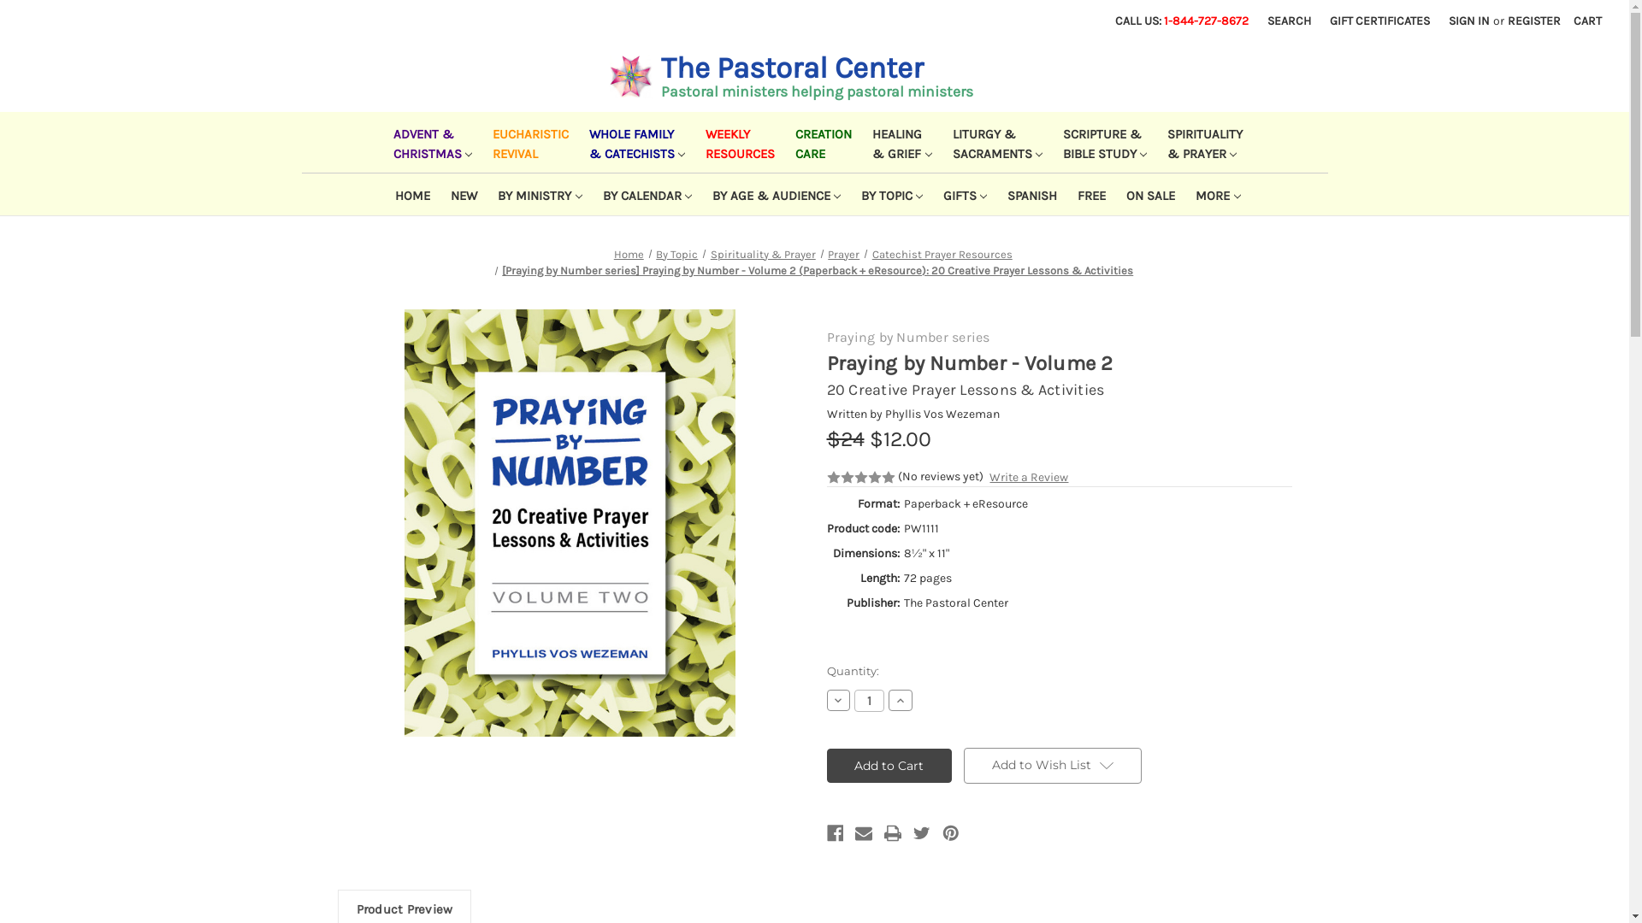 Image resolution: width=1642 pixels, height=923 pixels. What do you see at coordinates (1201, 141) in the screenshot?
I see `'SPIRITUALITY` at bounding box center [1201, 141].